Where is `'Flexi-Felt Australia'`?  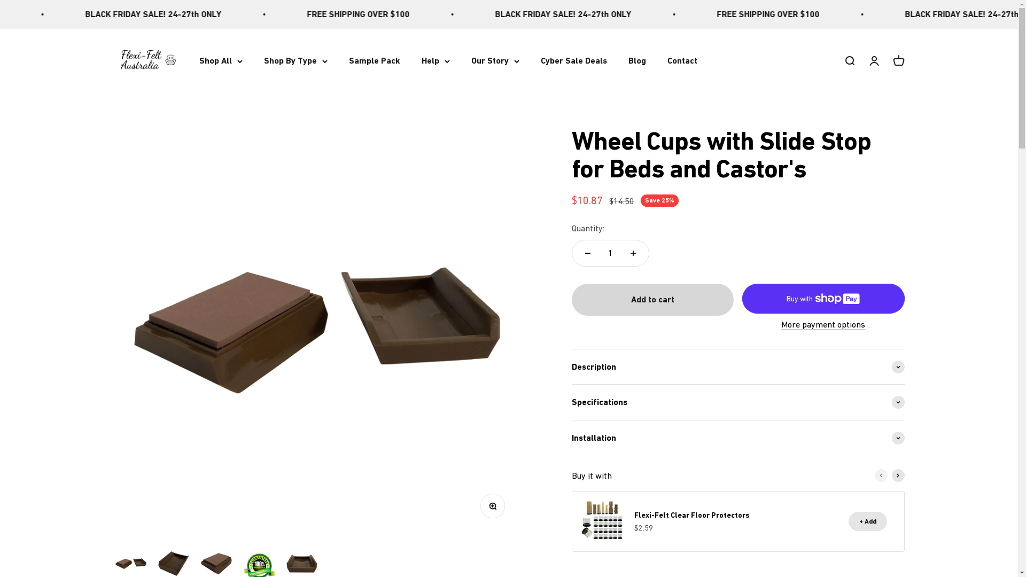
'Flexi-Felt Australia' is located at coordinates (145, 61).